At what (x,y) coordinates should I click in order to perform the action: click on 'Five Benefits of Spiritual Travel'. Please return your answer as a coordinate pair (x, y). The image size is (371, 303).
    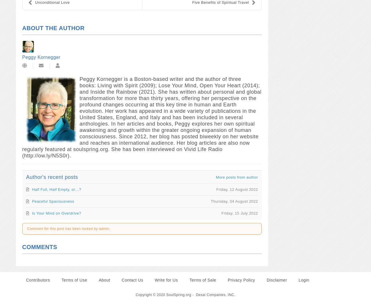
    Looking at the image, I should click on (192, 2).